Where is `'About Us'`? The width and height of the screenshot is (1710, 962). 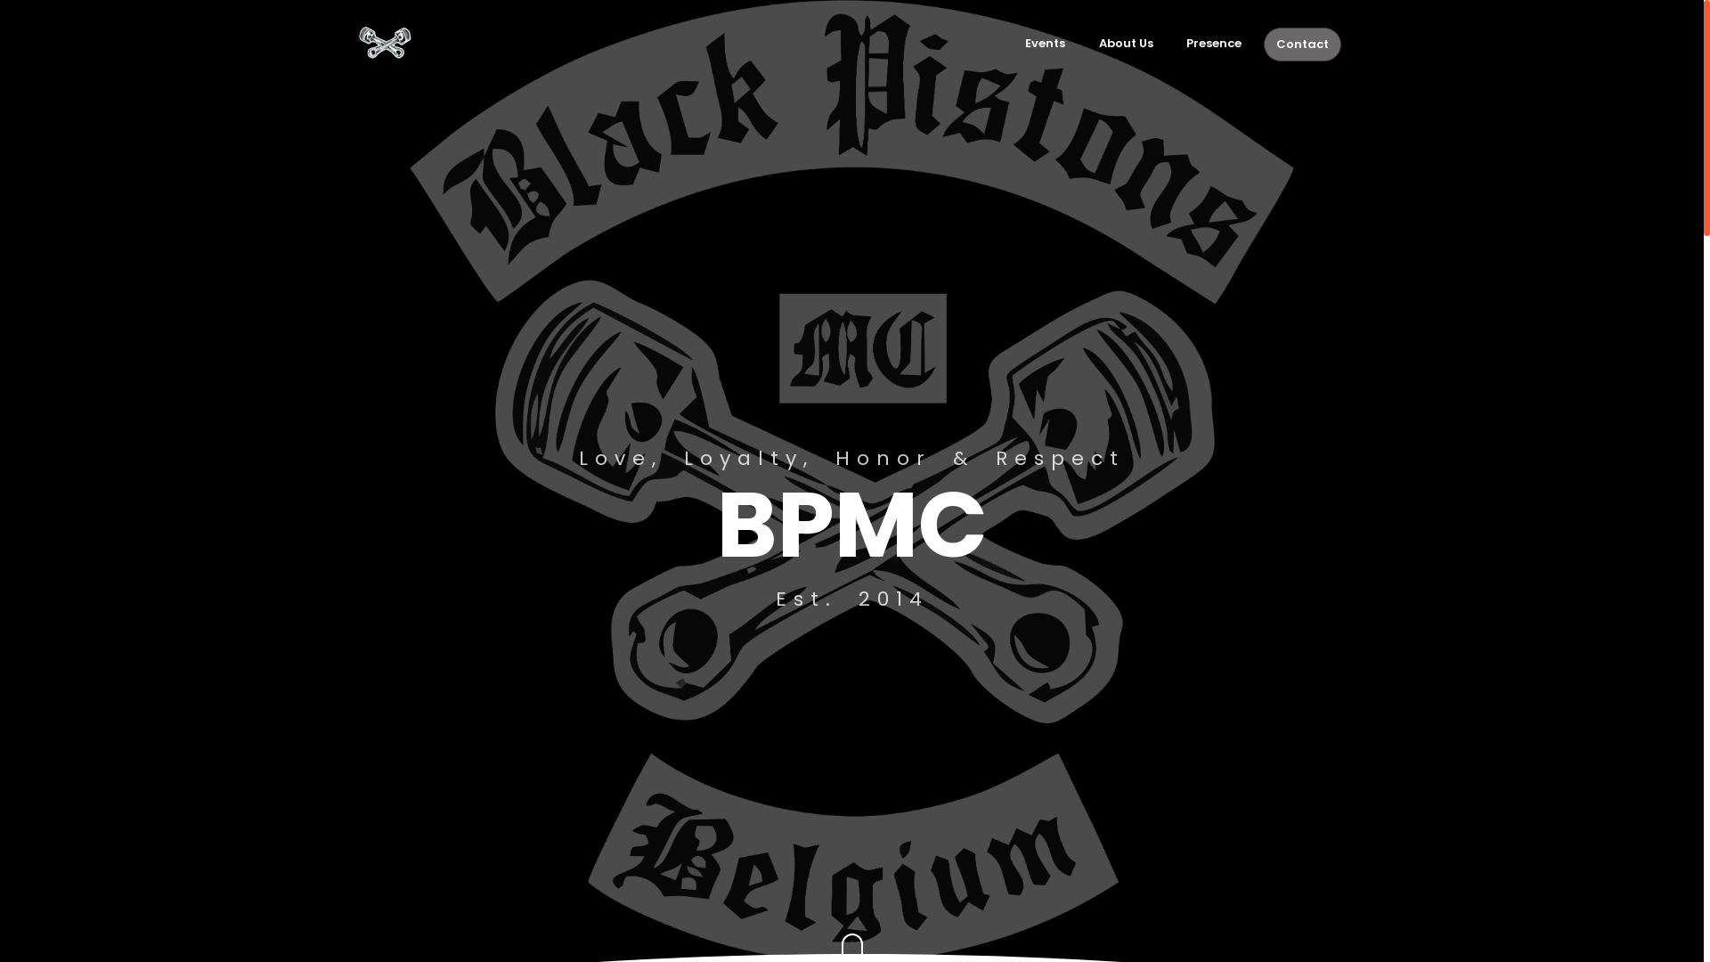 'About Us' is located at coordinates (1125, 43).